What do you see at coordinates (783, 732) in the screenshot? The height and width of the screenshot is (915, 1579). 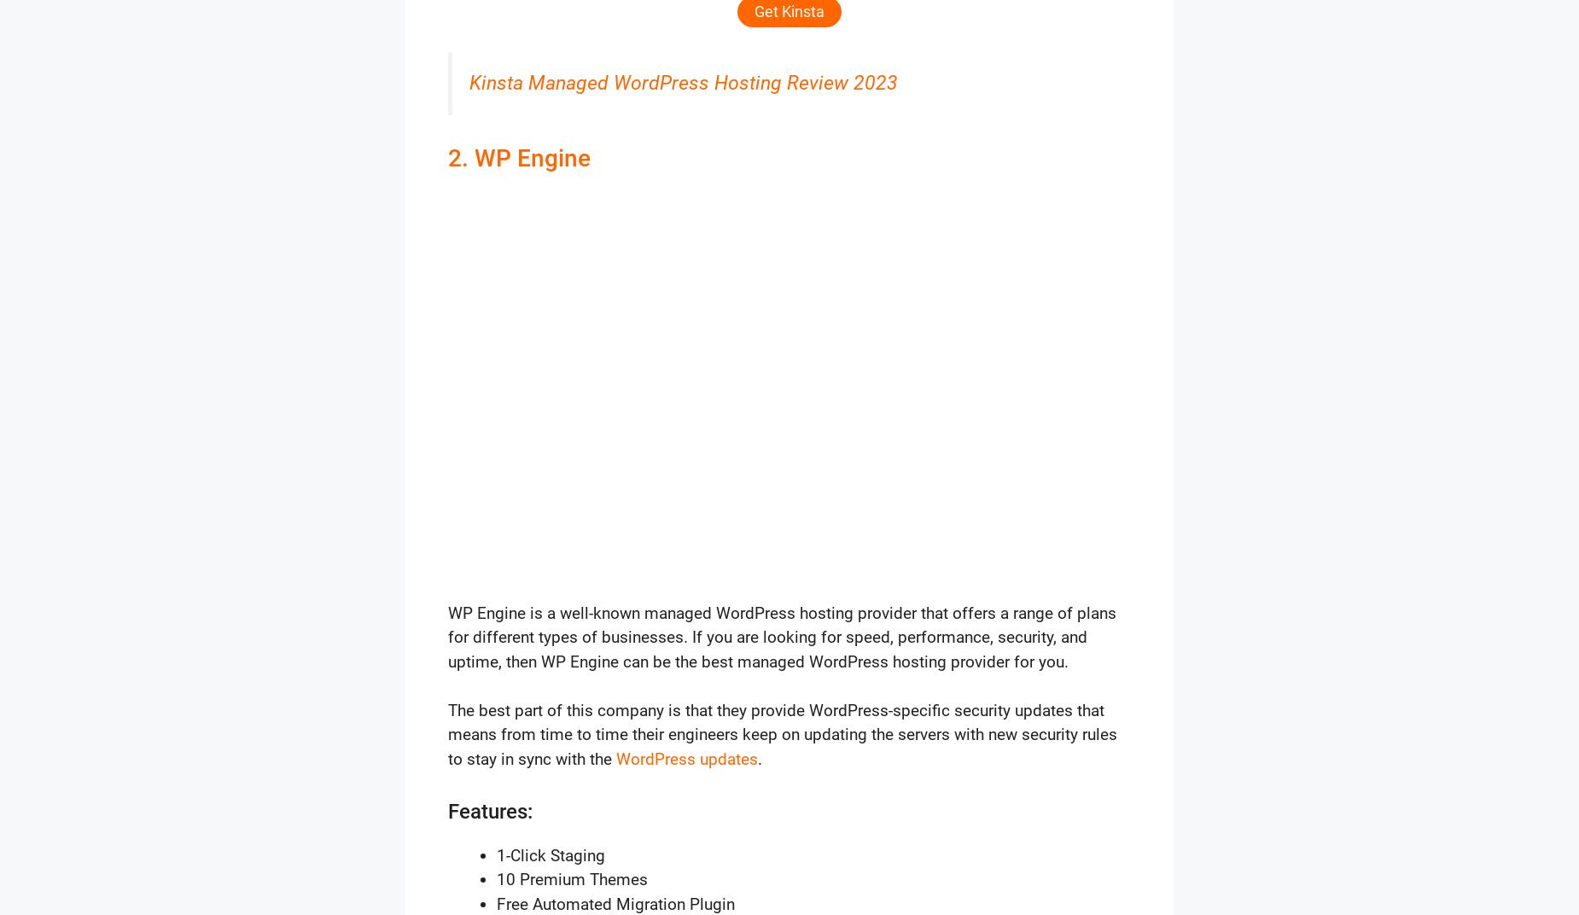 I see `'The best part of this company is that they provide WordPress-specific security updates that means from time to time their engineers keep on updating the servers with new security rules to stay in sync with the'` at bounding box center [783, 732].